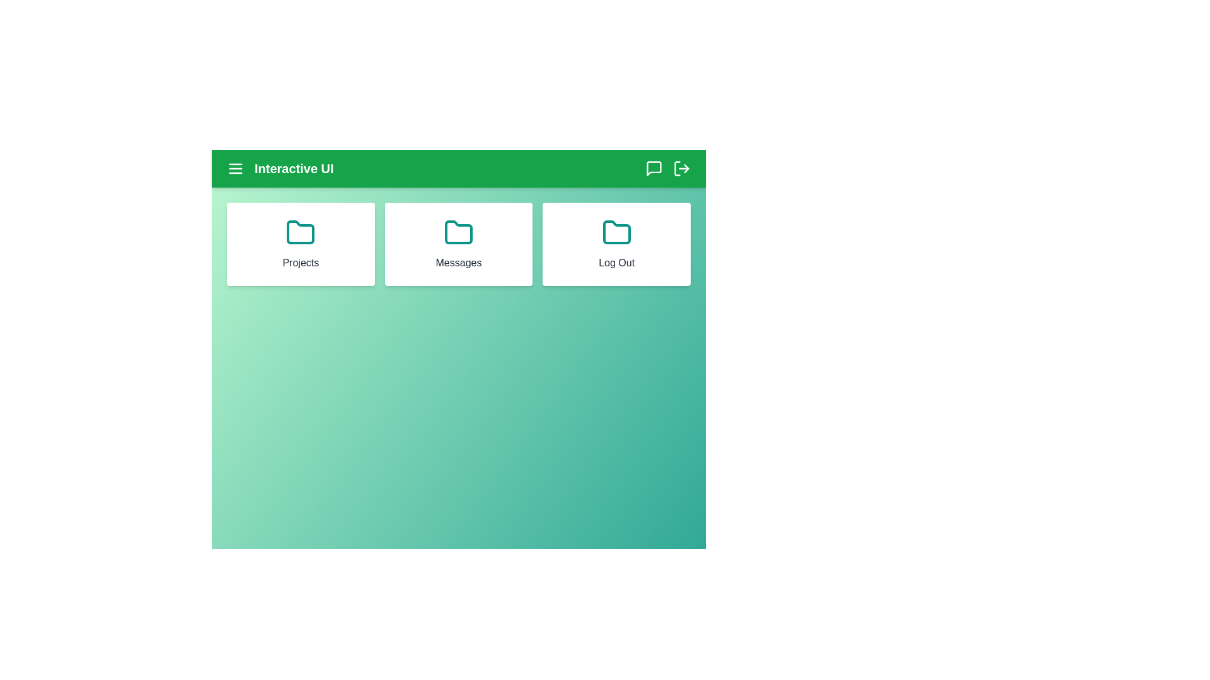 This screenshot has height=680, width=1210. Describe the element at coordinates (681, 167) in the screenshot. I see `the logout icon to log out` at that location.